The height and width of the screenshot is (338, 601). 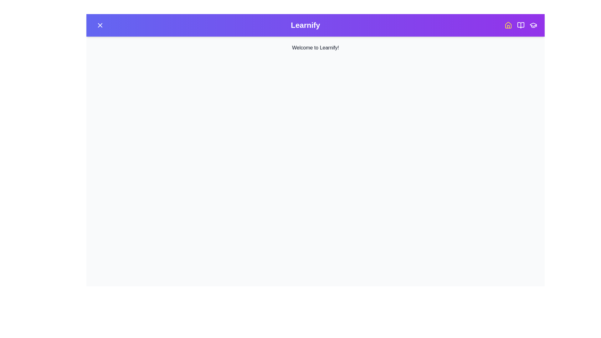 I want to click on the 'Profile' tab represented by the GraduationCap icon, so click(x=533, y=25).